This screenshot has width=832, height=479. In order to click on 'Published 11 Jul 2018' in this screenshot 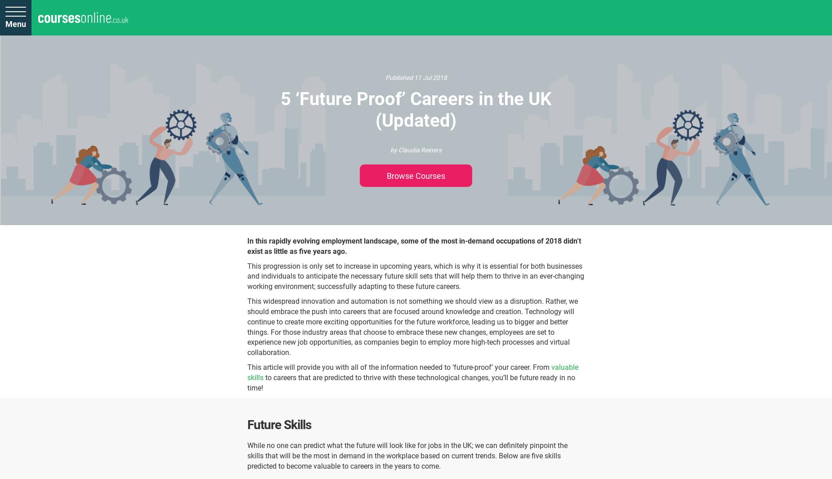, I will do `click(416, 77)`.